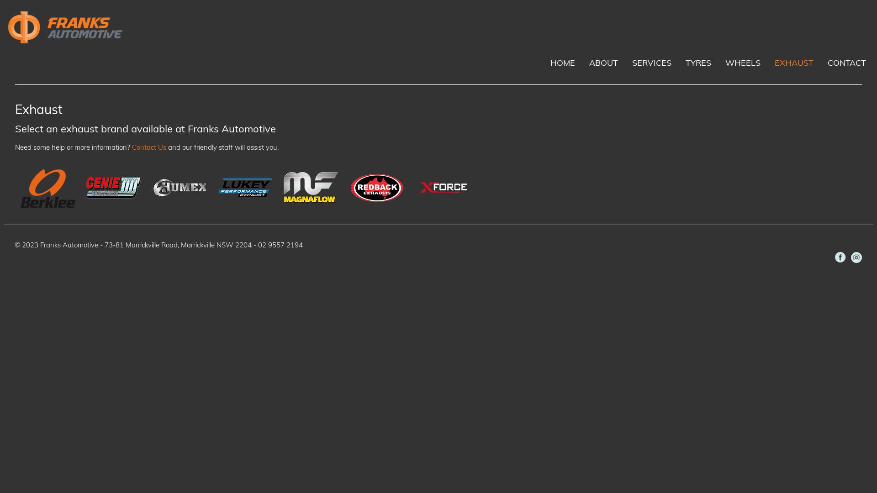 The width and height of the screenshot is (877, 493). I want to click on '02 9557 2194', so click(258, 244).